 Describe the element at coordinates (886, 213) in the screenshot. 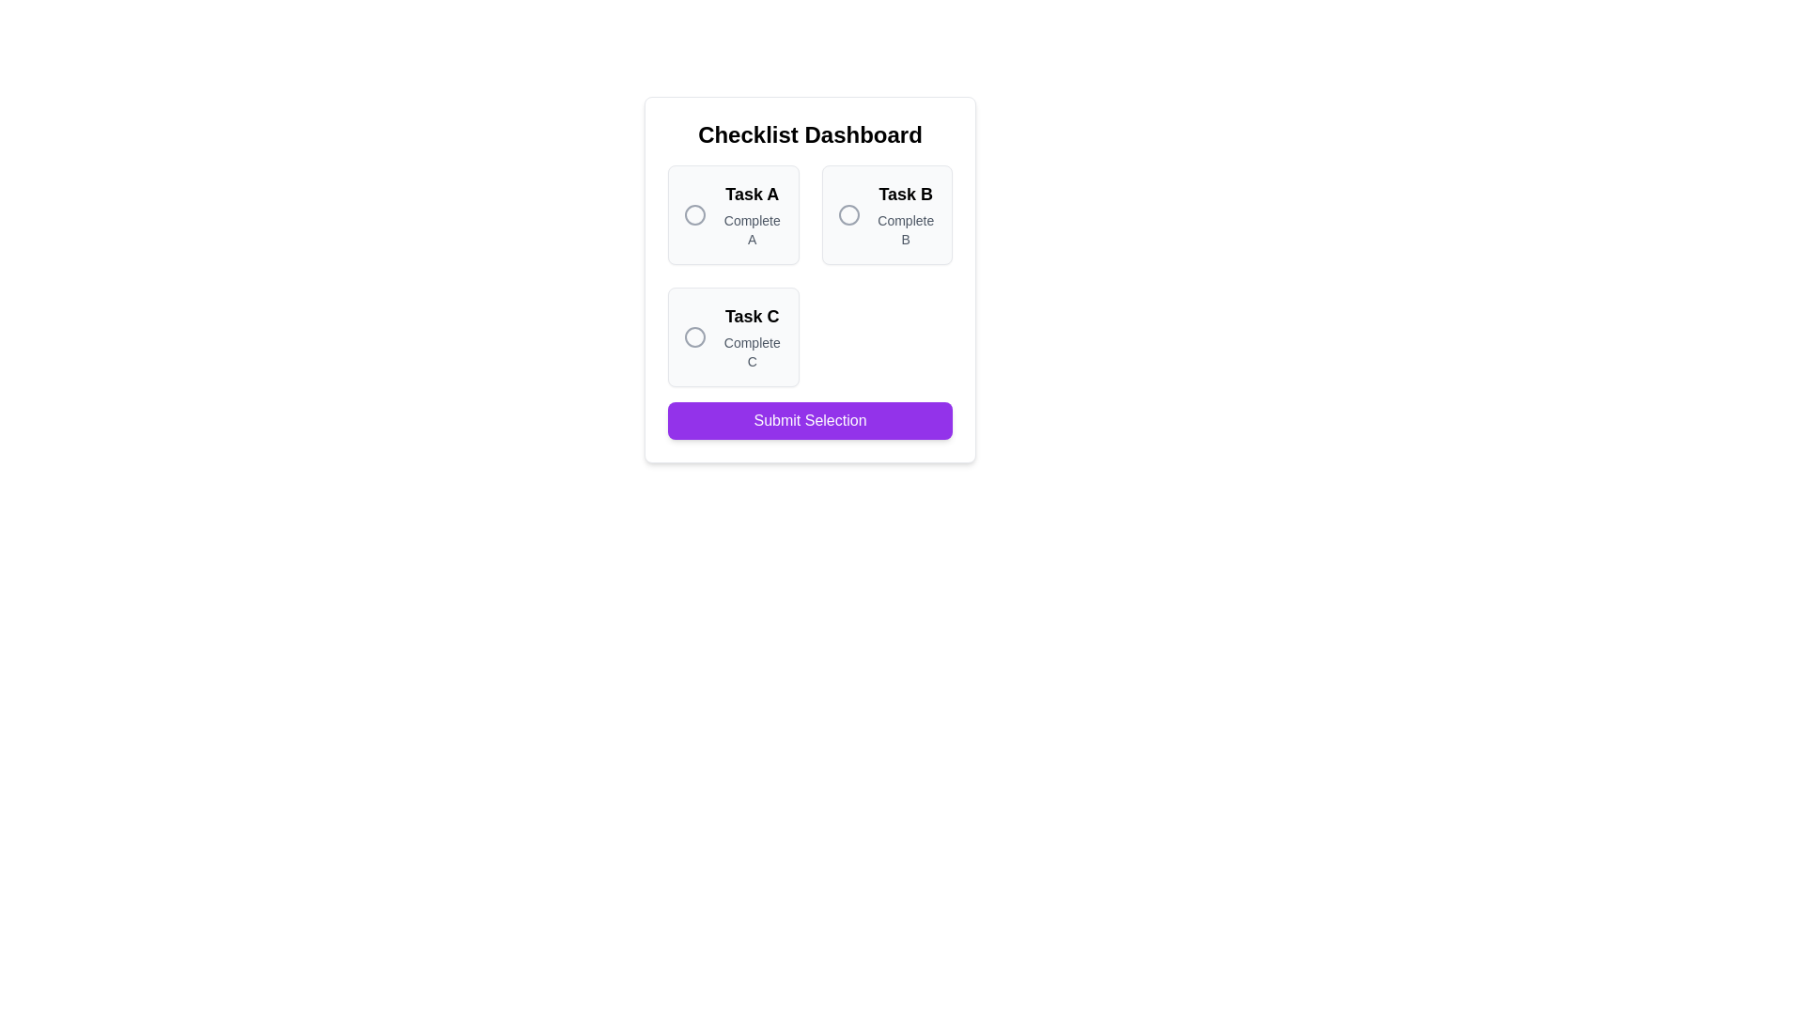

I see `the checklist item labeled 'Task B' with the subtitle 'Complete B'` at that location.